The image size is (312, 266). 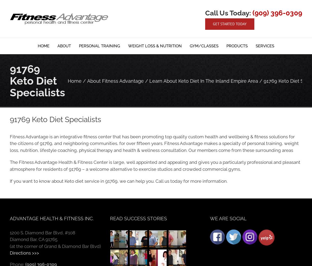 I want to click on 'HOME', so click(x=44, y=46).